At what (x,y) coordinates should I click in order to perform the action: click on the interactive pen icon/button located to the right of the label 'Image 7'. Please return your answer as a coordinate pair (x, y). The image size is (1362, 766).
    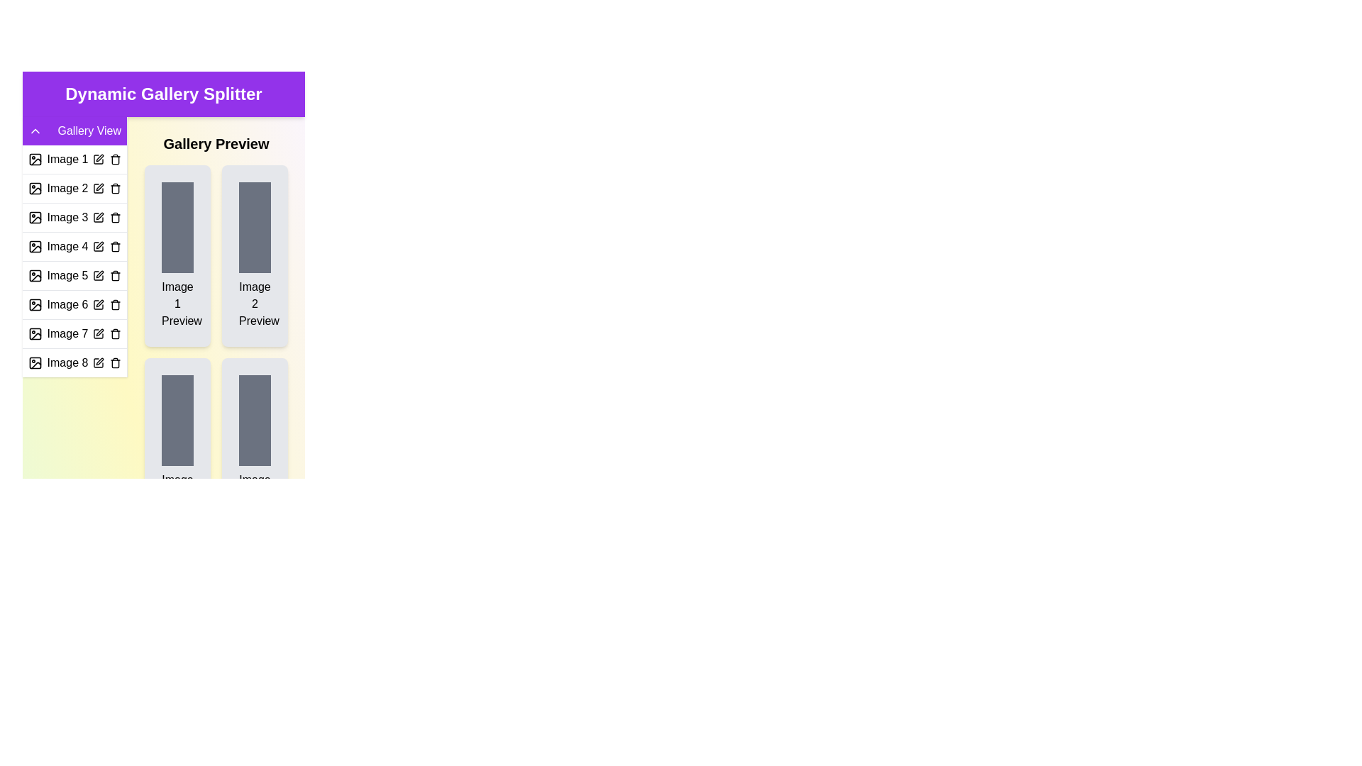
    Looking at the image, I should click on (98, 333).